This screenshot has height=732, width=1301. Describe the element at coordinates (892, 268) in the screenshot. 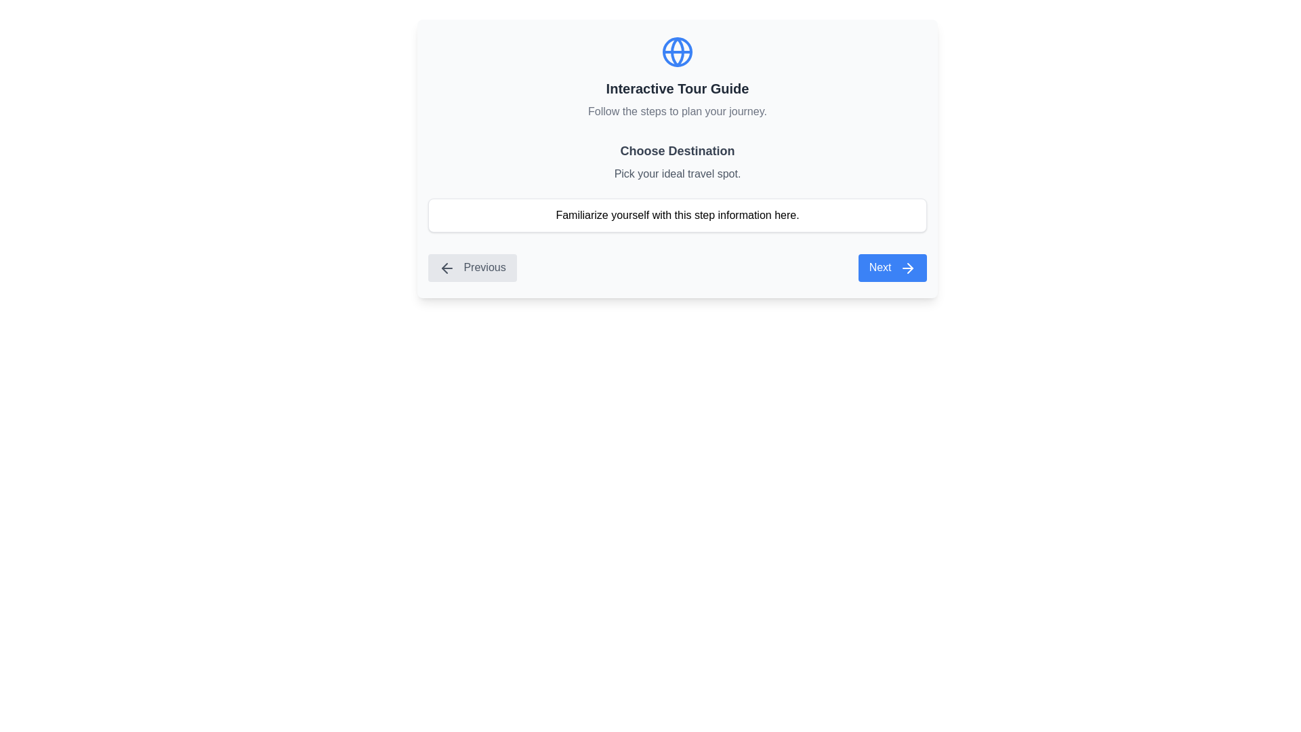

I see `the 'Next' button with a blue background and text 'Next' to change its color to darker blue` at that location.